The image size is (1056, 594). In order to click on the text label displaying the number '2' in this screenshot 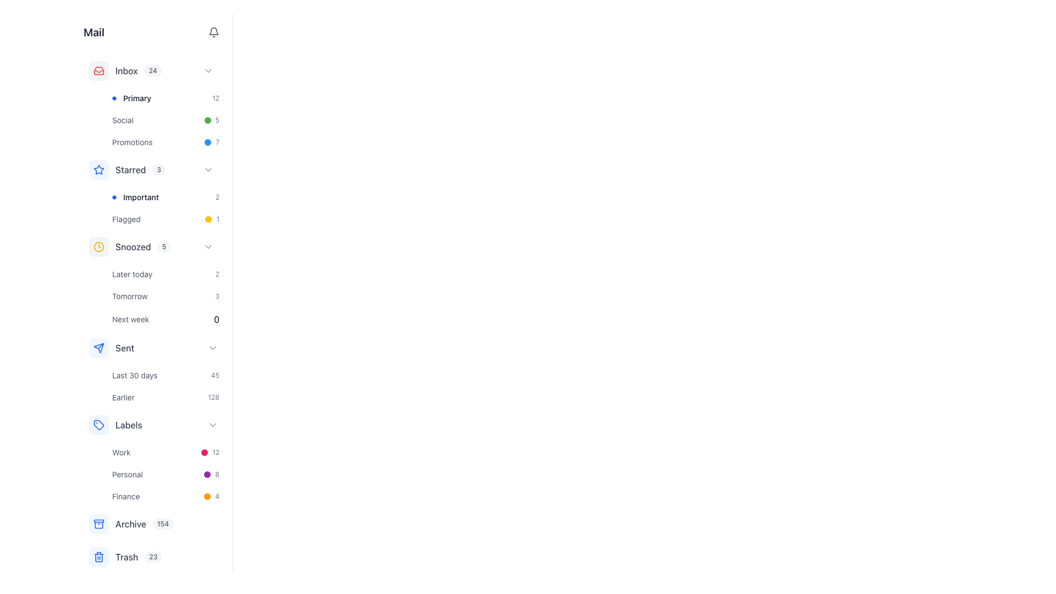, I will do `click(217, 196)`.